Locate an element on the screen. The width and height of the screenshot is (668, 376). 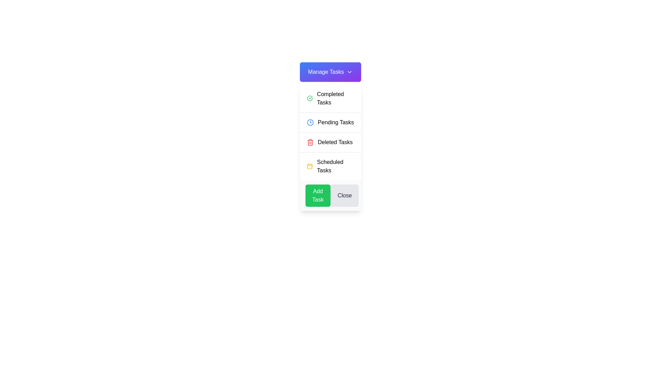
the downward-pointing chevron SVG icon located to the right of the 'Manage Tasks' button text is located at coordinates (350, 72).